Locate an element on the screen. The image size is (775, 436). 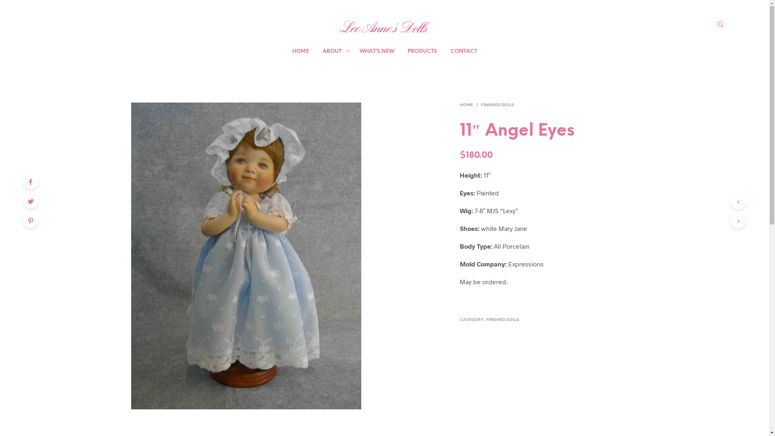
'HOME' is located at coordinates (286, 51).